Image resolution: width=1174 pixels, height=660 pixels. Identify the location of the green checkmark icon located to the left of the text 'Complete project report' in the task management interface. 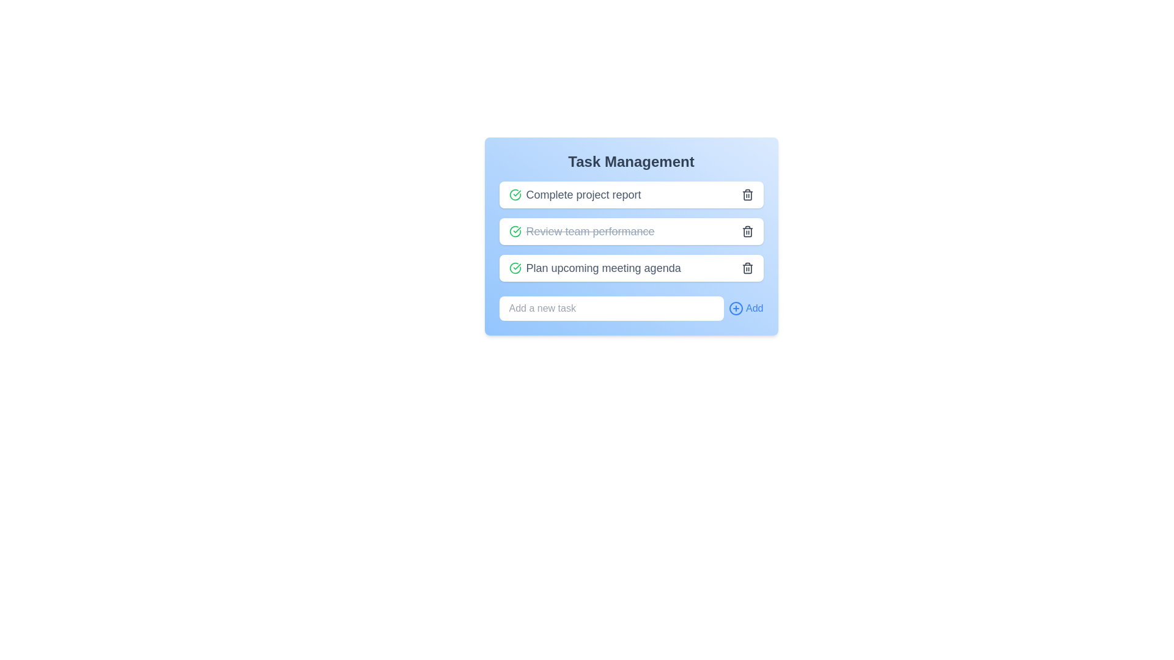
(574, 194).